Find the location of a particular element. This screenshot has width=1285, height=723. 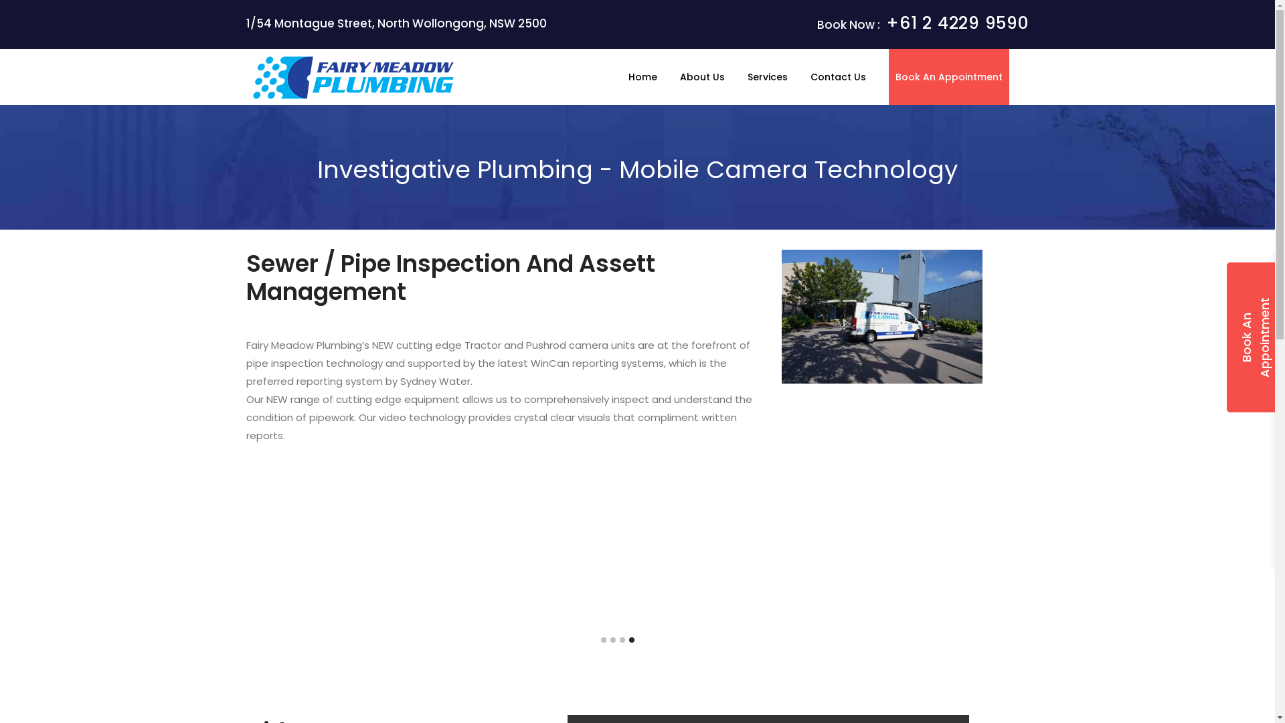

'Book An Appointment' is located at coordinates (948, 77).